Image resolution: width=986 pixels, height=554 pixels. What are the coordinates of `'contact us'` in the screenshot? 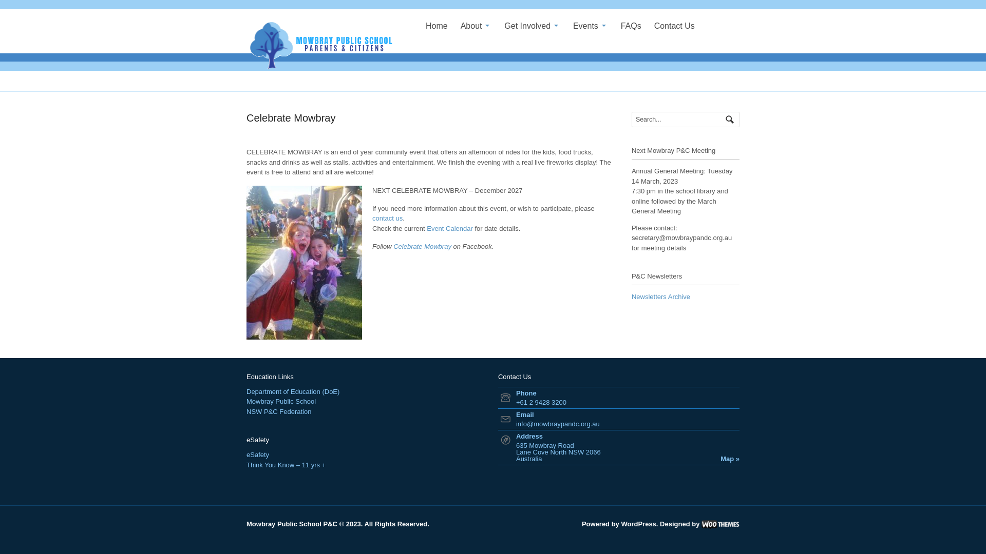 It's located at (387, 217).